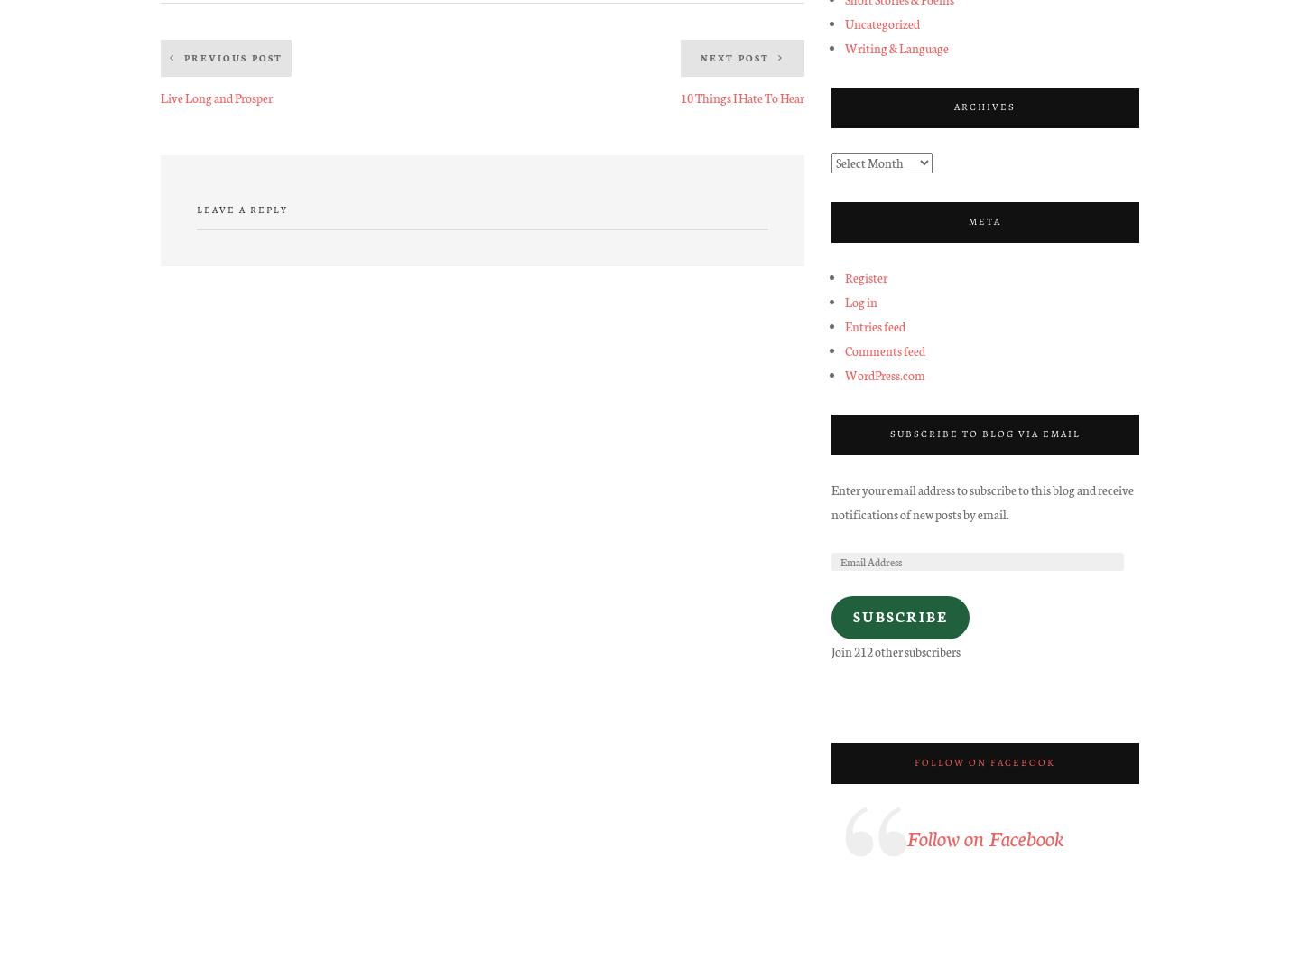 The width and height of the screenshot is (1300, 970). I want to click on 'Comments feed', so click(883, 350).